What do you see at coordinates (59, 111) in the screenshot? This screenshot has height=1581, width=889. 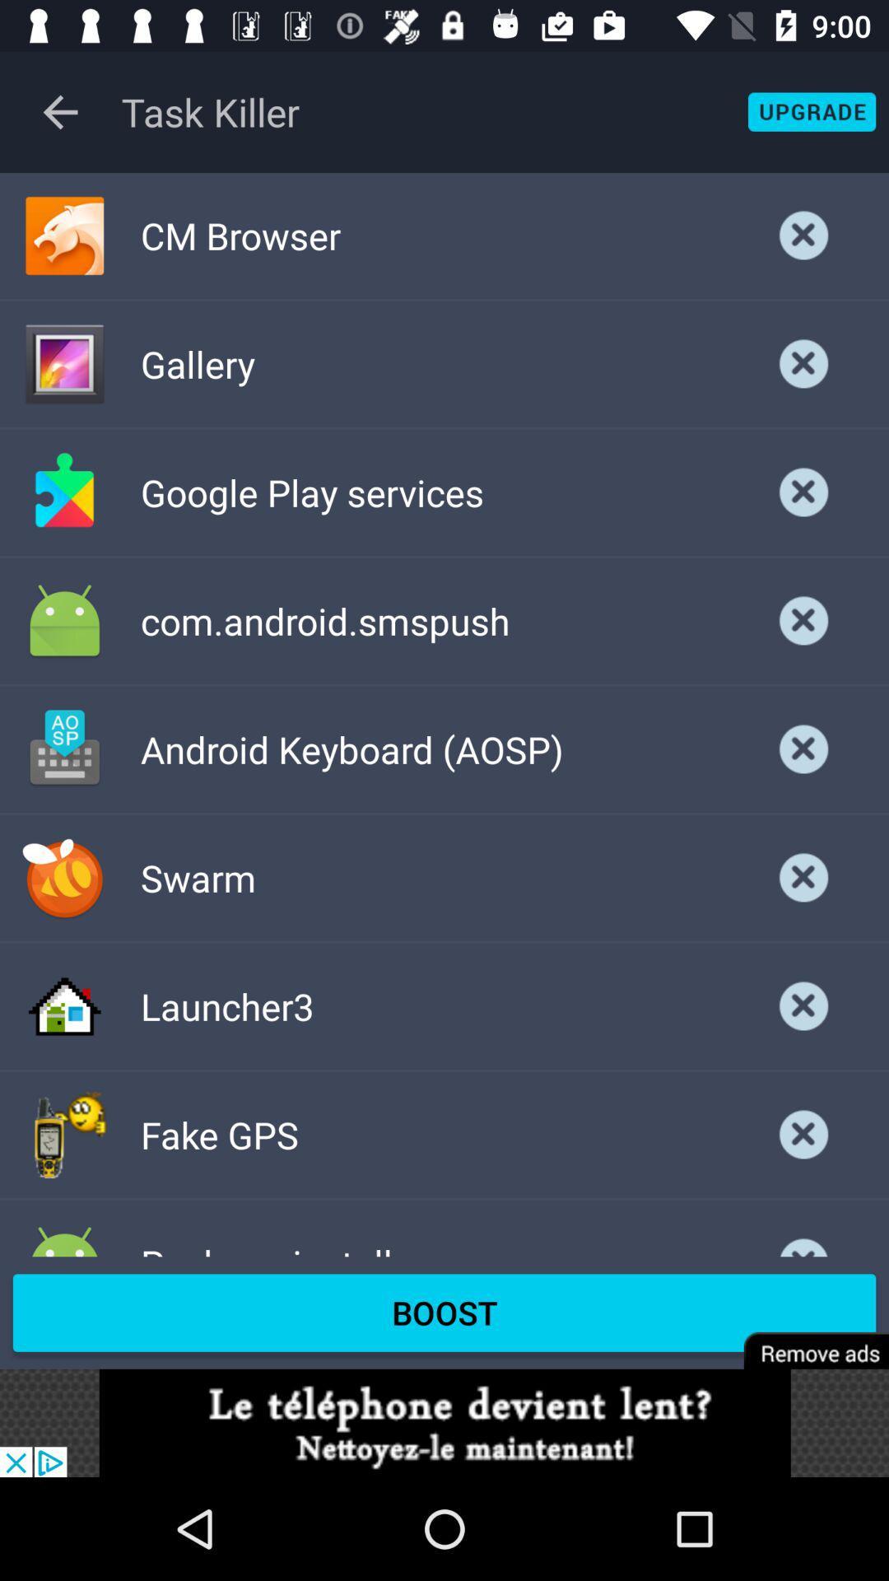 I see `go back` at bounding box center [59, 111].